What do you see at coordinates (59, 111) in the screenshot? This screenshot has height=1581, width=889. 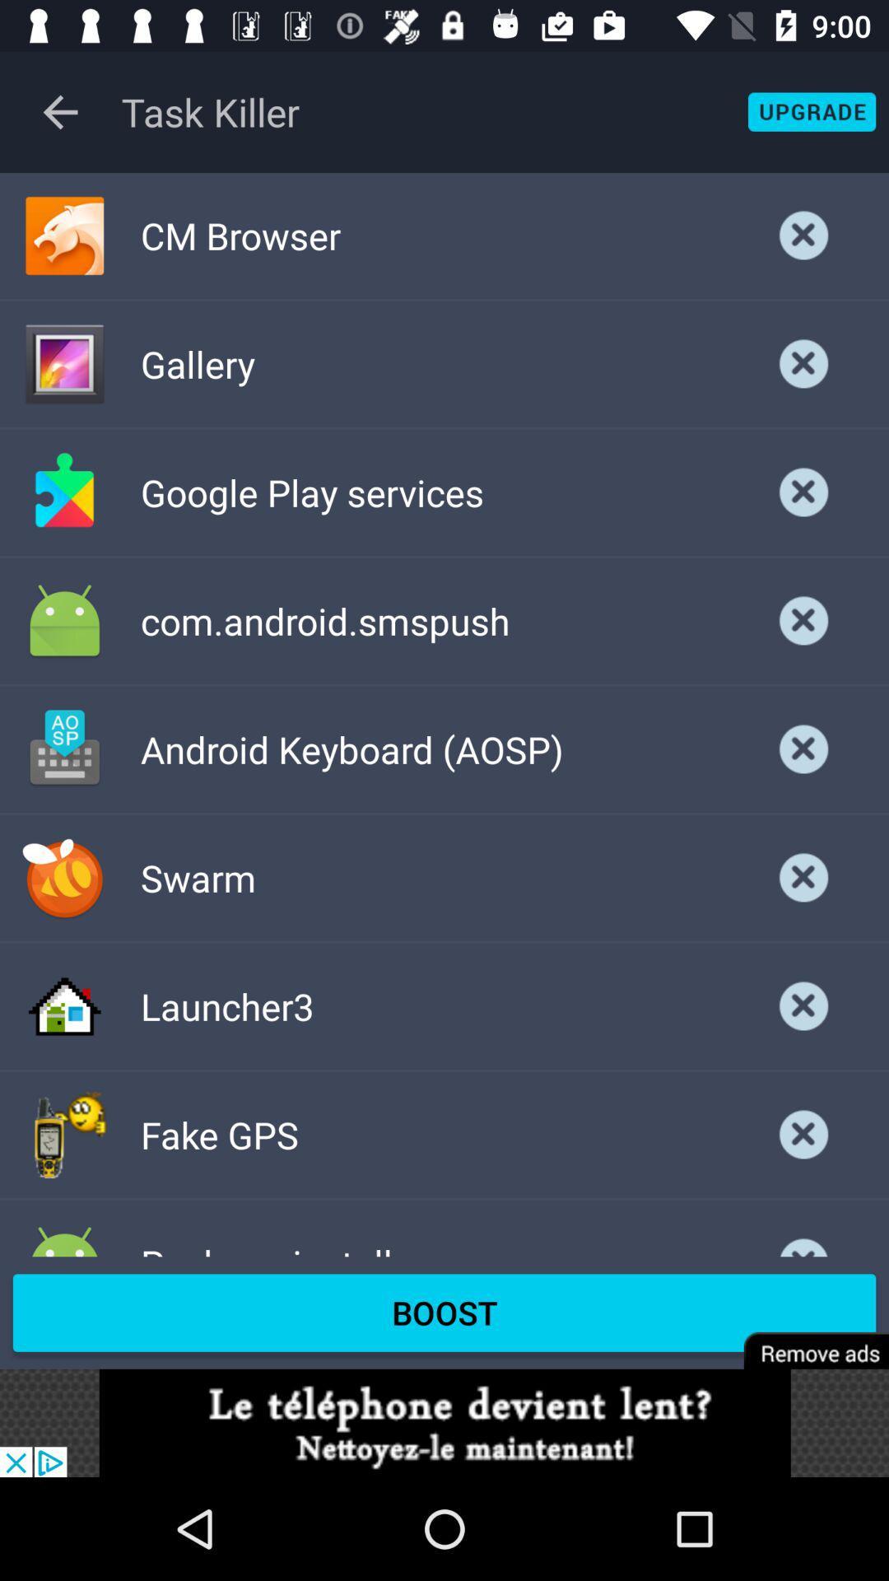 I see `go back` at bounding box center [59, 111].